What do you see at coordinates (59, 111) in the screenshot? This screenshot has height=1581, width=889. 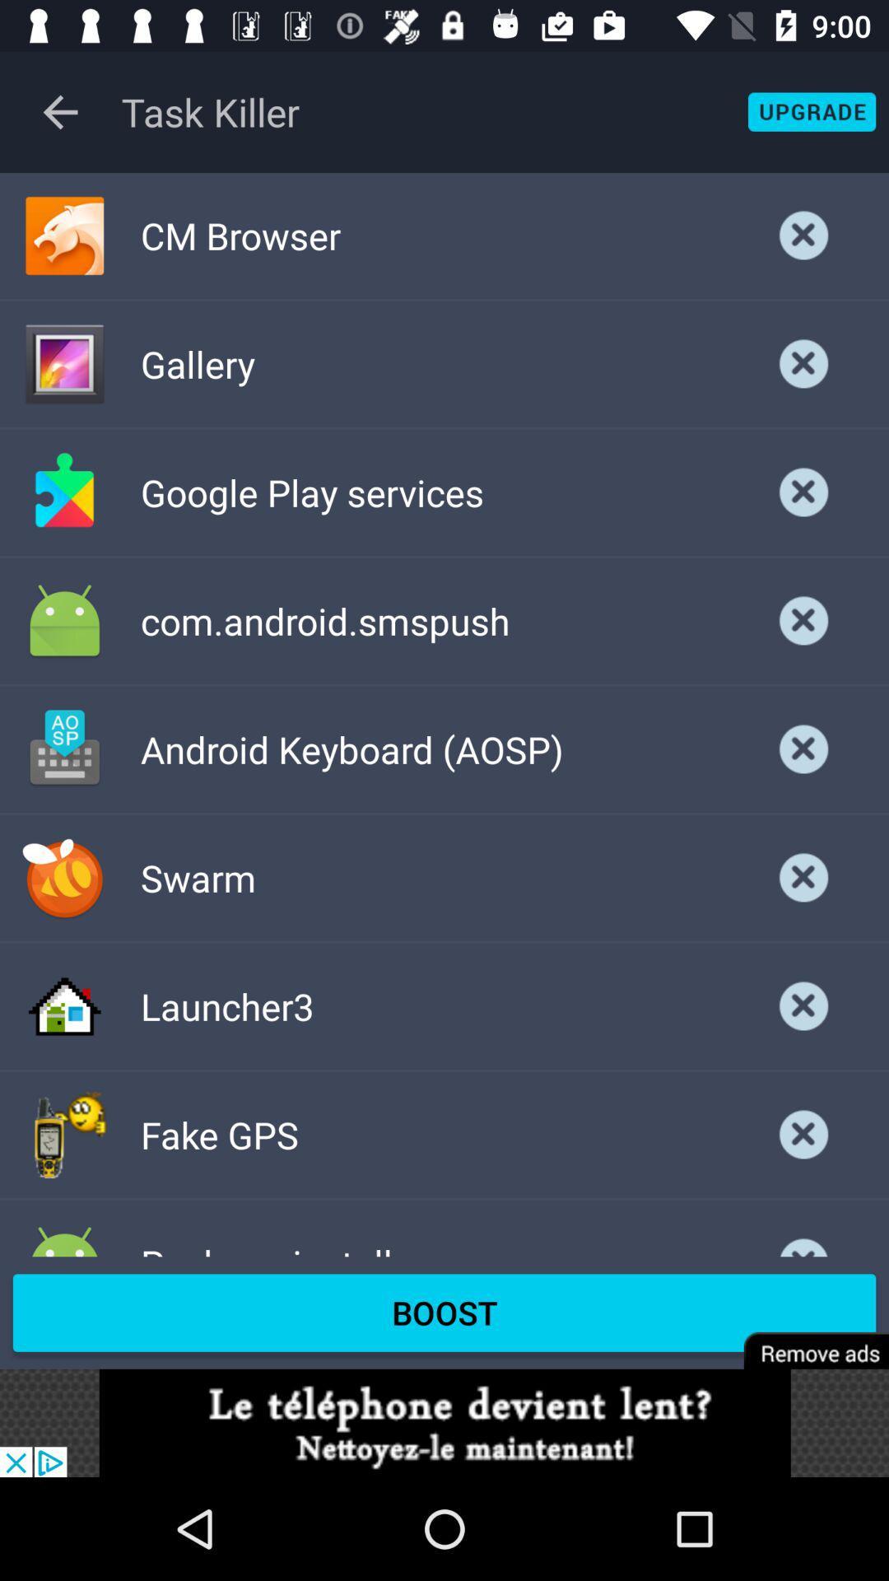 I see `go back` at bounding box center [59, 111].